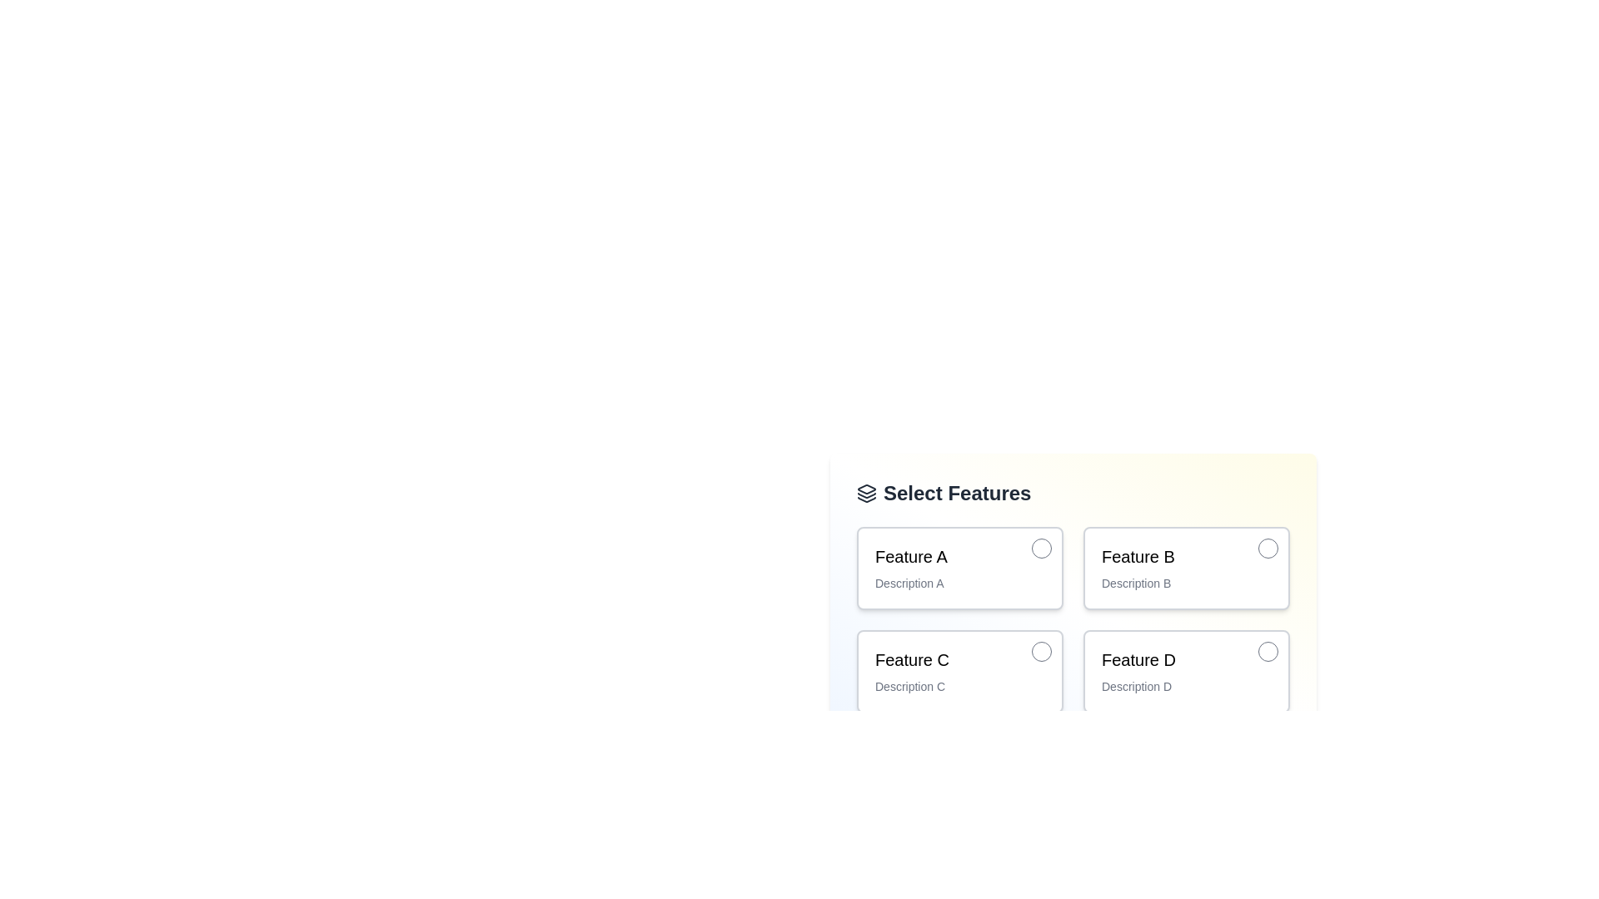  Describe the element at coordinates (866, 488) in the screenshot. I see `the decorative icon located in the top-left corner of the 'Select Features' section, which symbolizes layer functionalities` at that location.